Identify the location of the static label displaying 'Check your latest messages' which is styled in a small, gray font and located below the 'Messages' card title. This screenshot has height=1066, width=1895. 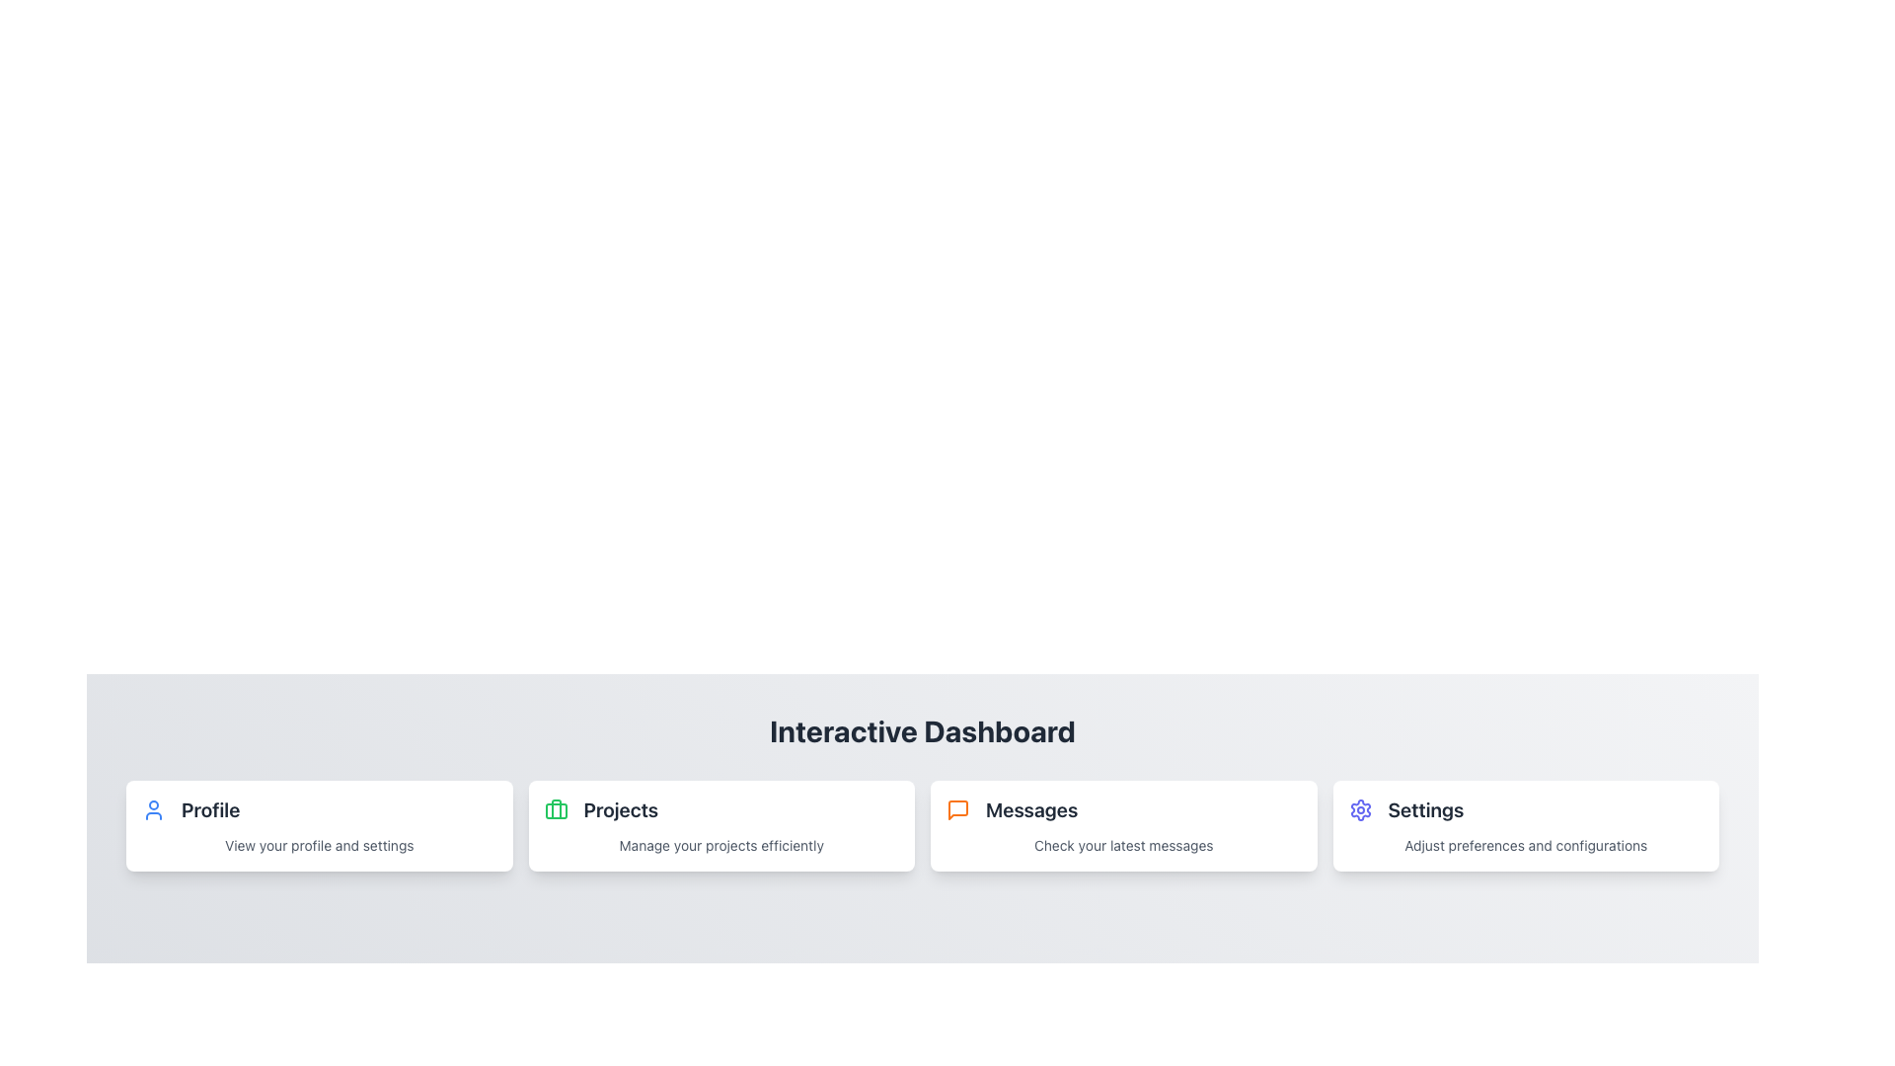
(1123, 844).